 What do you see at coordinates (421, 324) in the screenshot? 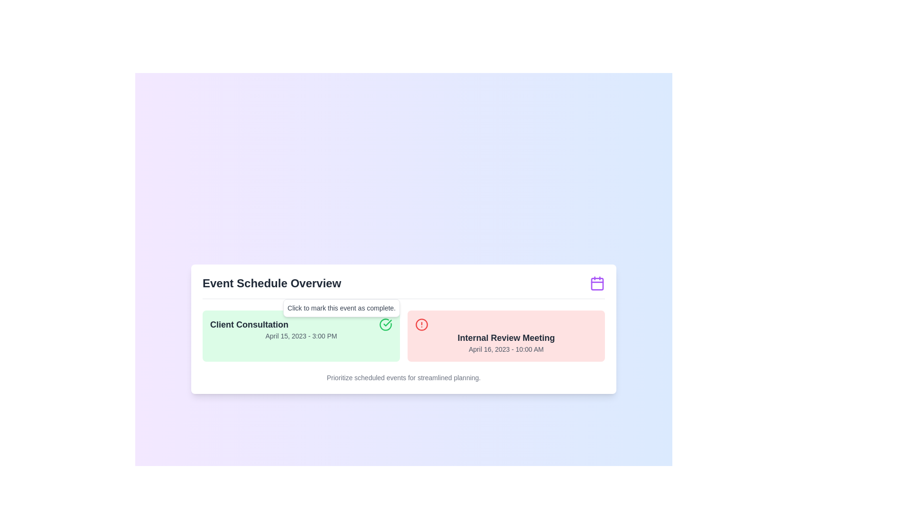
I see `the circular alert indicator icon located on the upper-left corner of the 'Internal Review Meeting' panel, adjacent to the 'Event Schedule Overview' title` at bounding box center [421, 324].